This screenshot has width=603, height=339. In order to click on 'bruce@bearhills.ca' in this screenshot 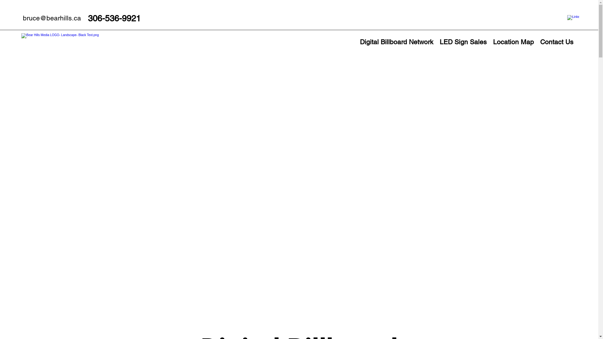, I will do `click(23, 18)`.